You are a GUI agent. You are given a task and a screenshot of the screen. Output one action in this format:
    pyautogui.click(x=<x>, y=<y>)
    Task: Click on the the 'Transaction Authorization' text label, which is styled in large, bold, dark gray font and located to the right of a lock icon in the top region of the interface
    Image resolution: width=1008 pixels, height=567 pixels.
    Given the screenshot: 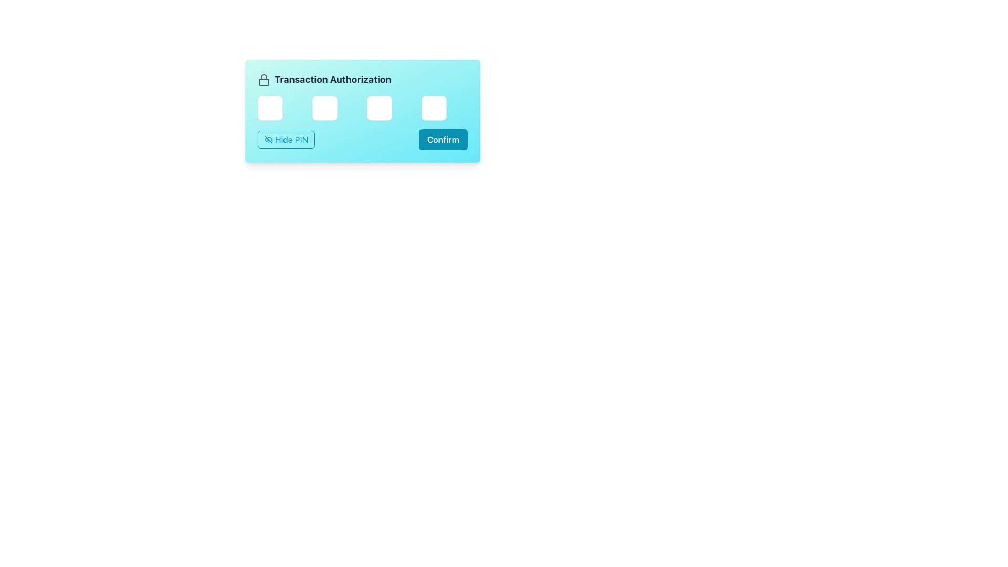 What is the action you would take?
    pyautogui.click(x=332, y=79)
    